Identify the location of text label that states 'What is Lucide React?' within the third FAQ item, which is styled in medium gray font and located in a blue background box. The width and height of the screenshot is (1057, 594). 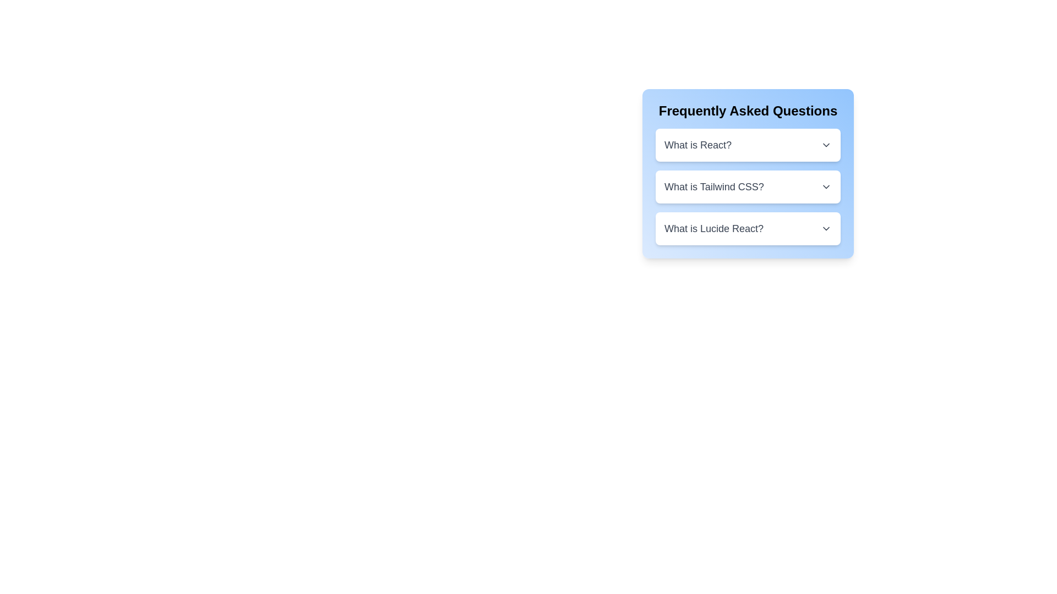
(713, 228).